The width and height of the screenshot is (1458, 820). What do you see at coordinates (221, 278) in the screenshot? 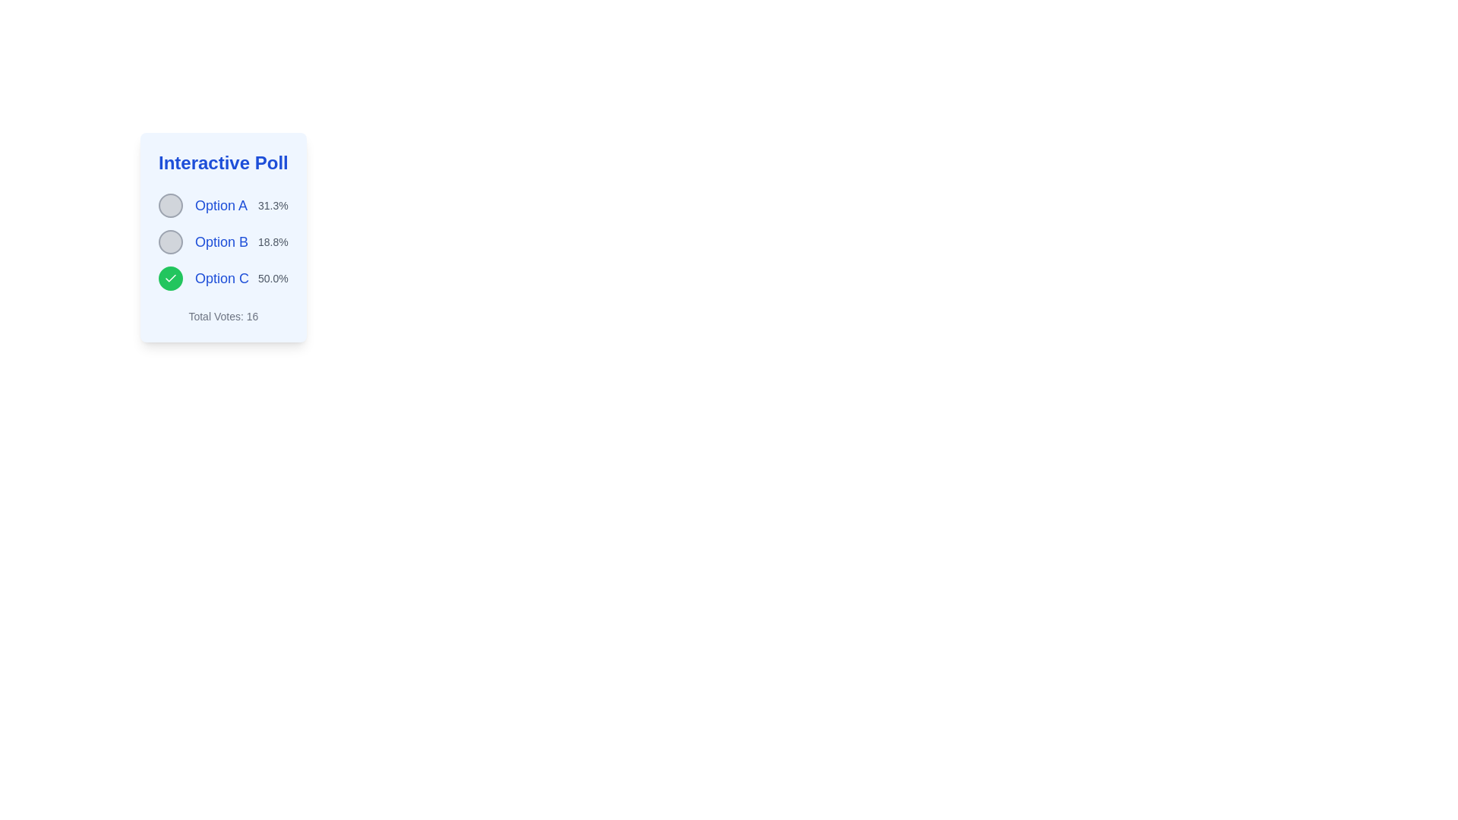
I see `text content of the label displaying 'Option C', which is styled in bold blue font and indicates the selected option in the poll` at bounding box center [221, 278].